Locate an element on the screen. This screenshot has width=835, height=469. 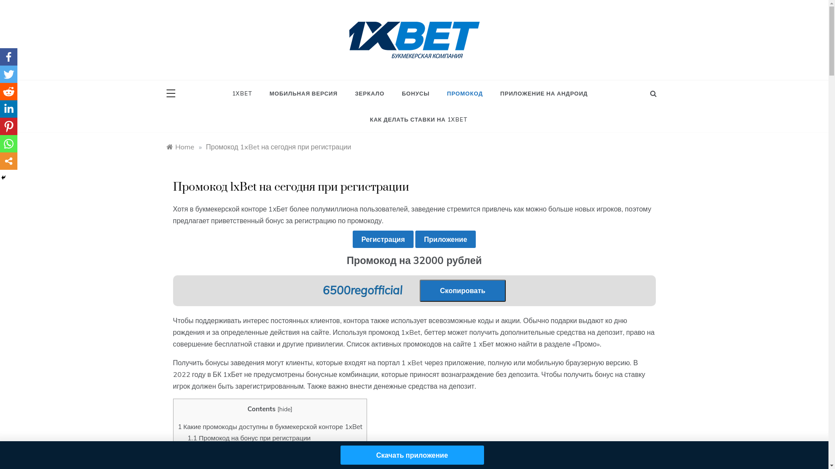
'Twitter' is located at coordinates (8, 73).